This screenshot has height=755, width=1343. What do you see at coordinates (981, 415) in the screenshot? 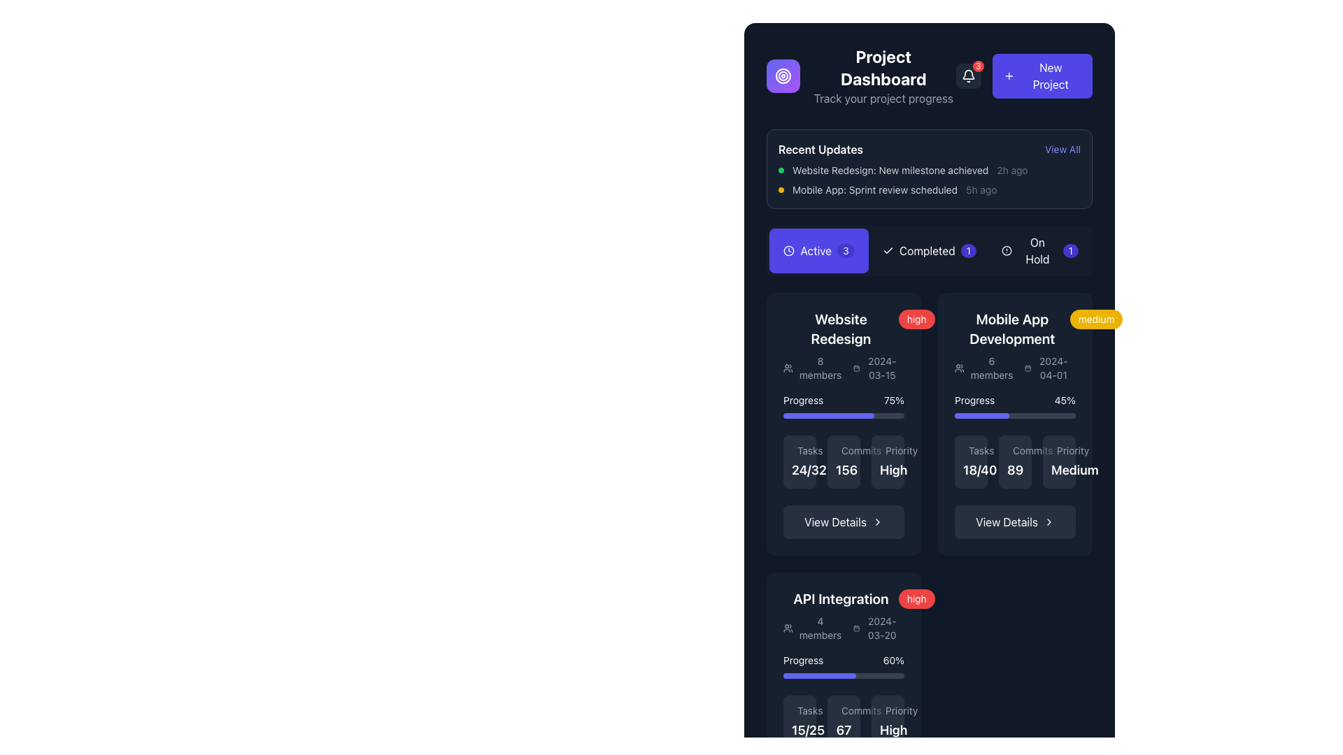
I see `the filled segment of the progress bar styled in purple, which extends to approximately 45% of its full width, located within the 'Mobile App Development' card under the 'Progress' section` at bounding box center [981, 415].